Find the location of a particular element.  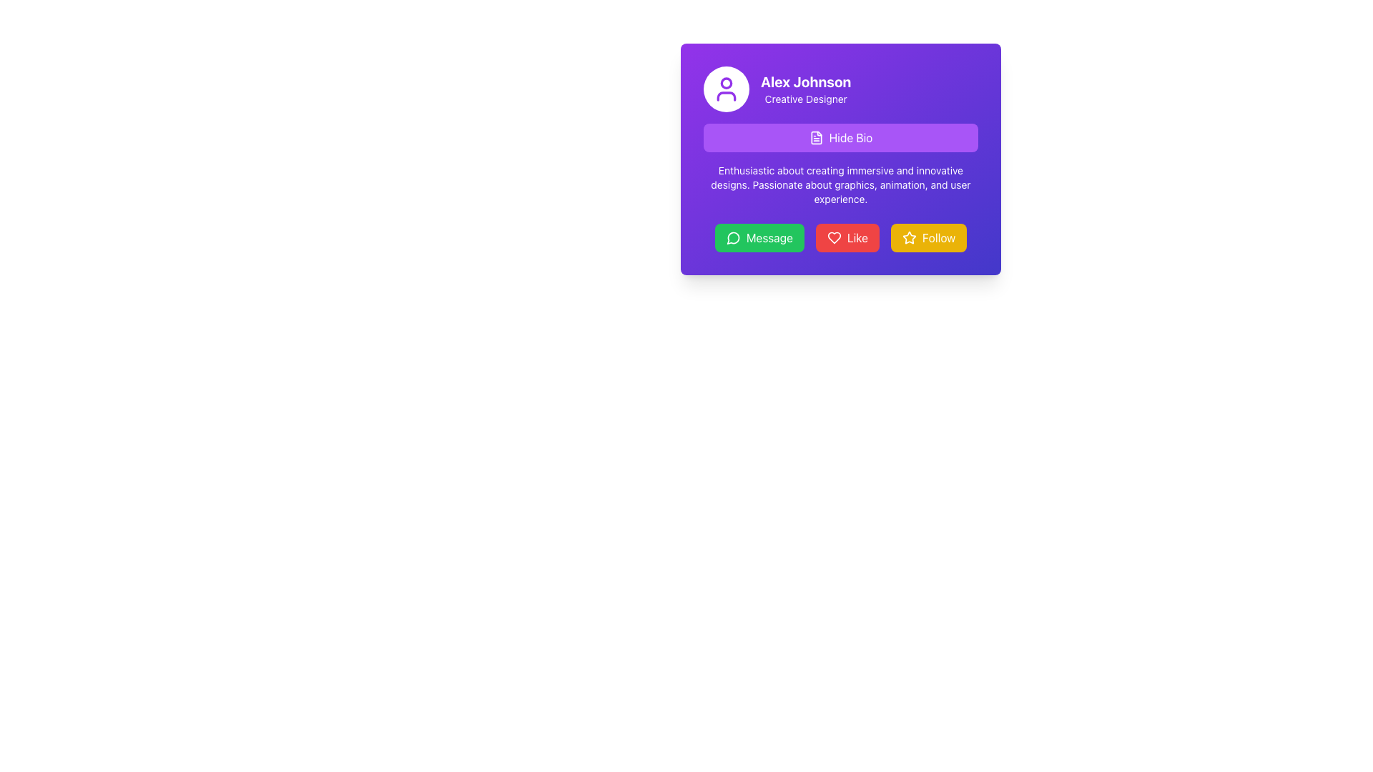

the icon representing the 'Hide Bio' action located to the left of the text within the 'Hide Bio' button on Alex Johnson's profile card is located at coordinates (816, 137).